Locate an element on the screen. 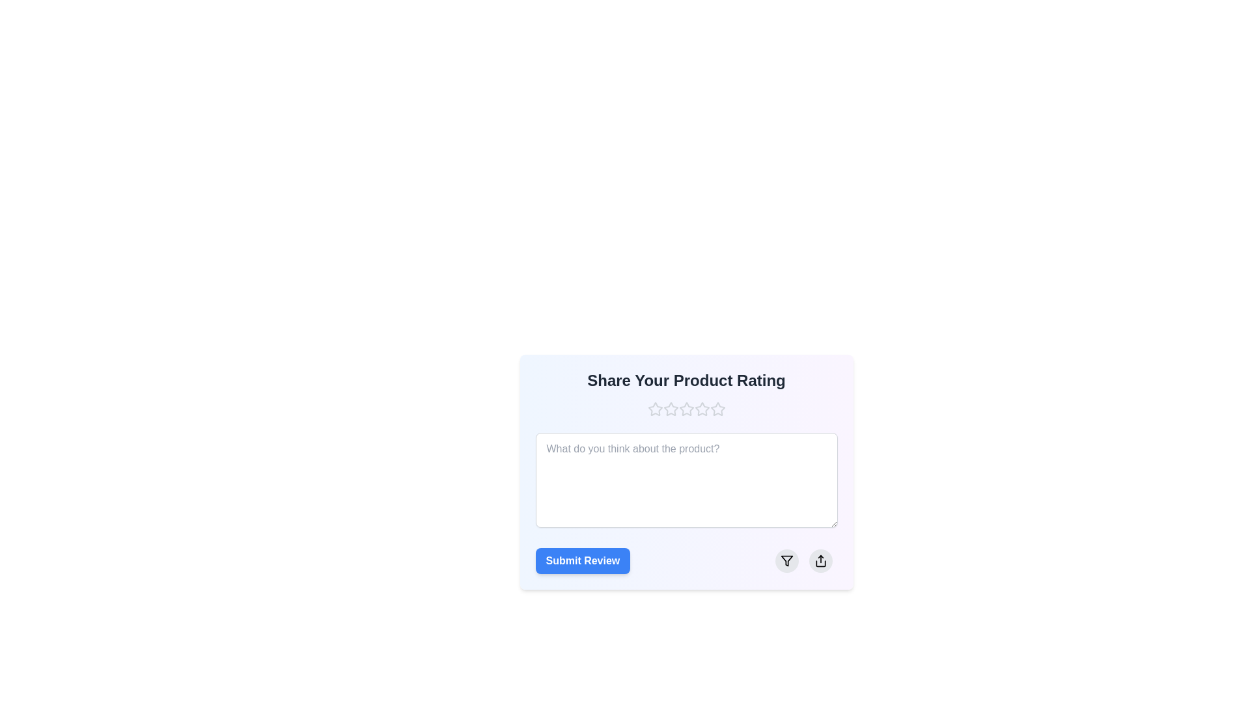 The image size is (1250, 703). on the row of five star-shaped icons in the Rating component is located at coordinates (686, 408).